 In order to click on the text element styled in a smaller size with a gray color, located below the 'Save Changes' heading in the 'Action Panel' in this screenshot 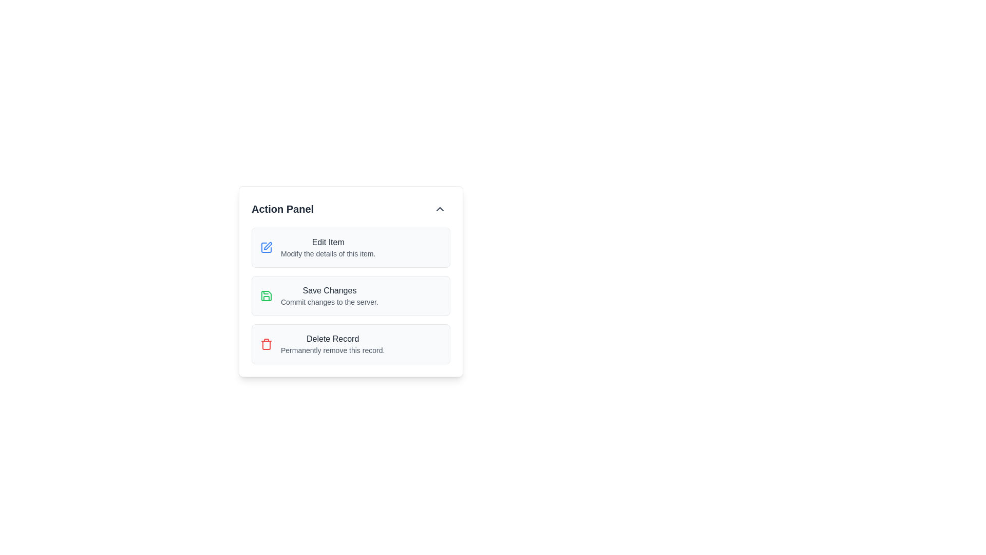, I will do `click(329, 301)`.